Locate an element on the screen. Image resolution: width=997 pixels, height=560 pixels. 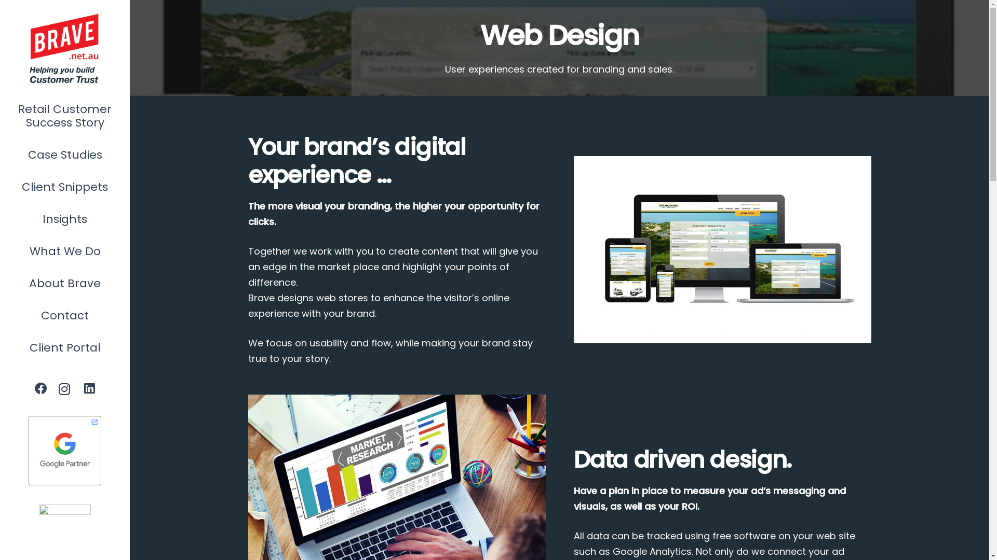
'LinkedIn' is located at coordinates (89, 389).